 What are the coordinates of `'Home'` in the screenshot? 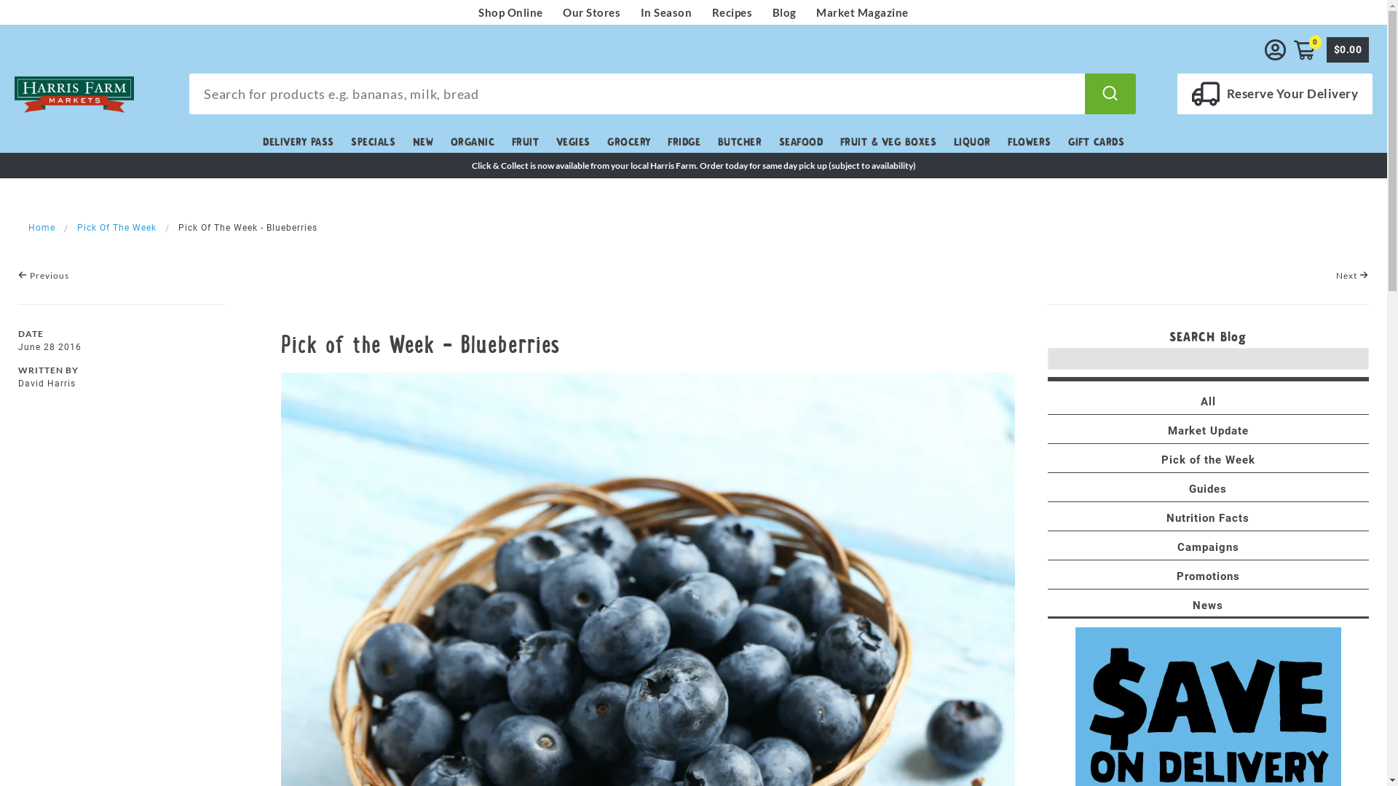 It's located at (42, 227).